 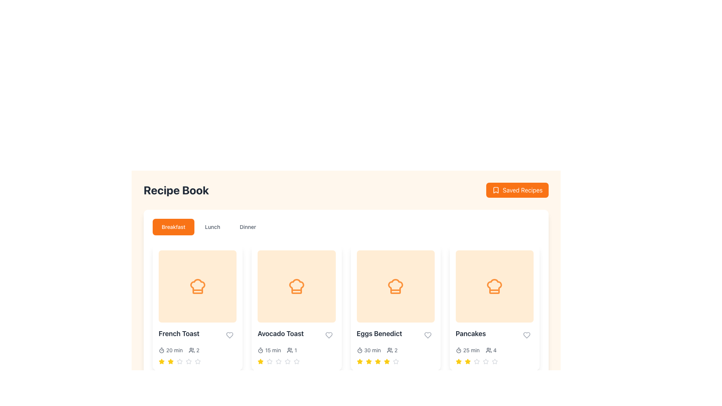 What do you see at coordinates (189, 361) in the screenshot?
I see `the sixth star icon representing an unselected rating option in the rating system for the 'French Toast' recipe` at bounding box center [189, 361].